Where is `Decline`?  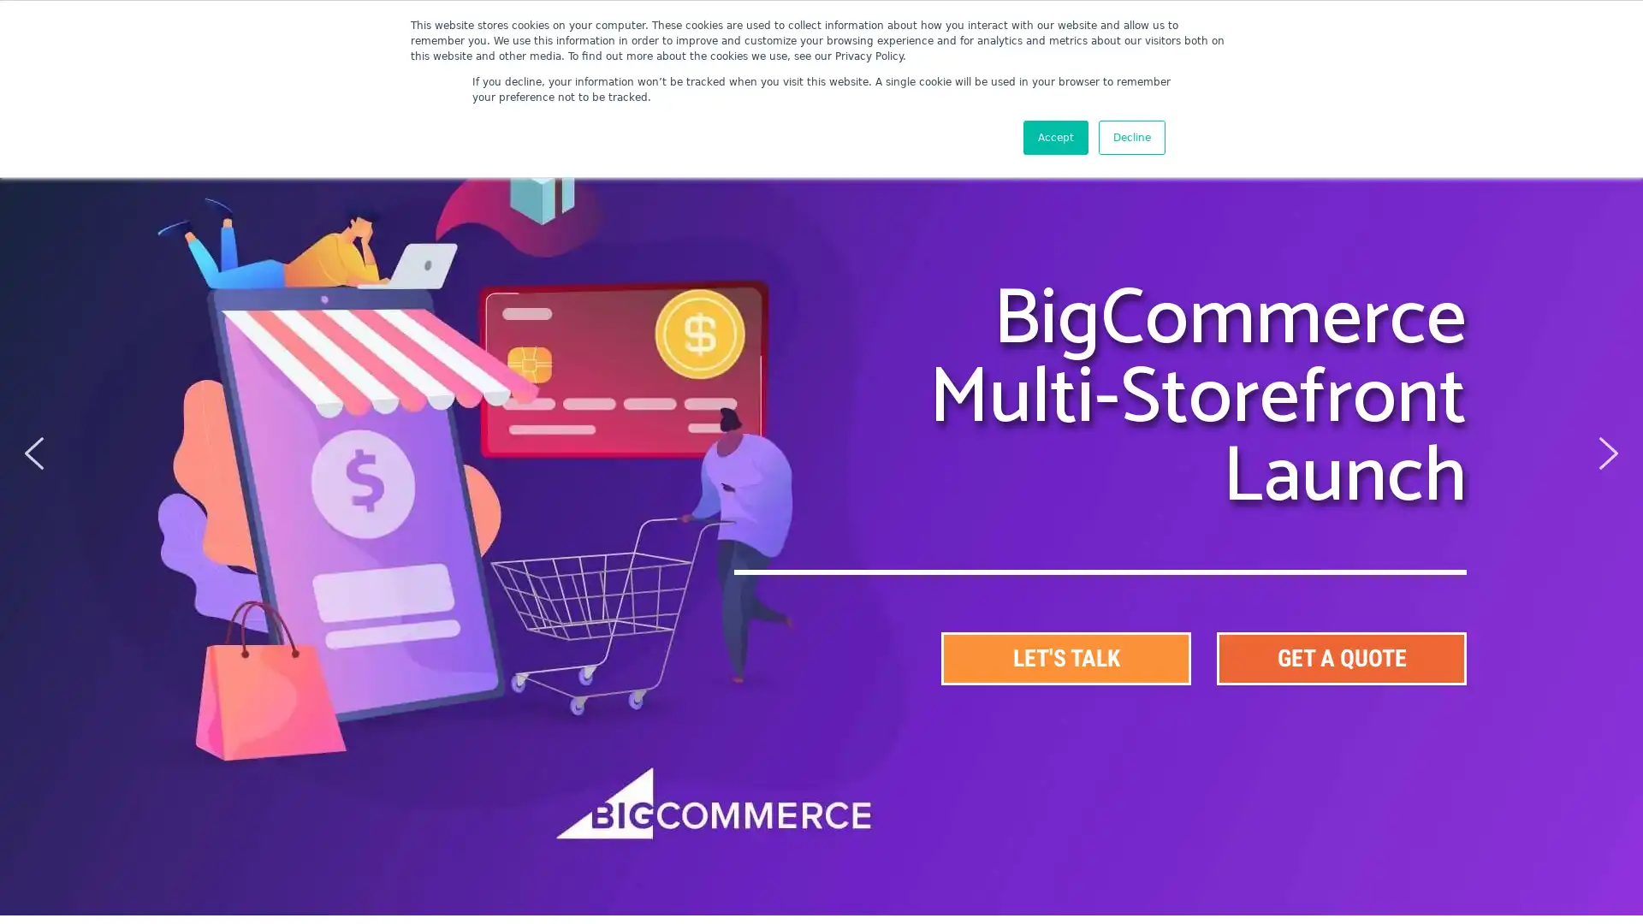
Decline is located at coordinates (1132, 137).